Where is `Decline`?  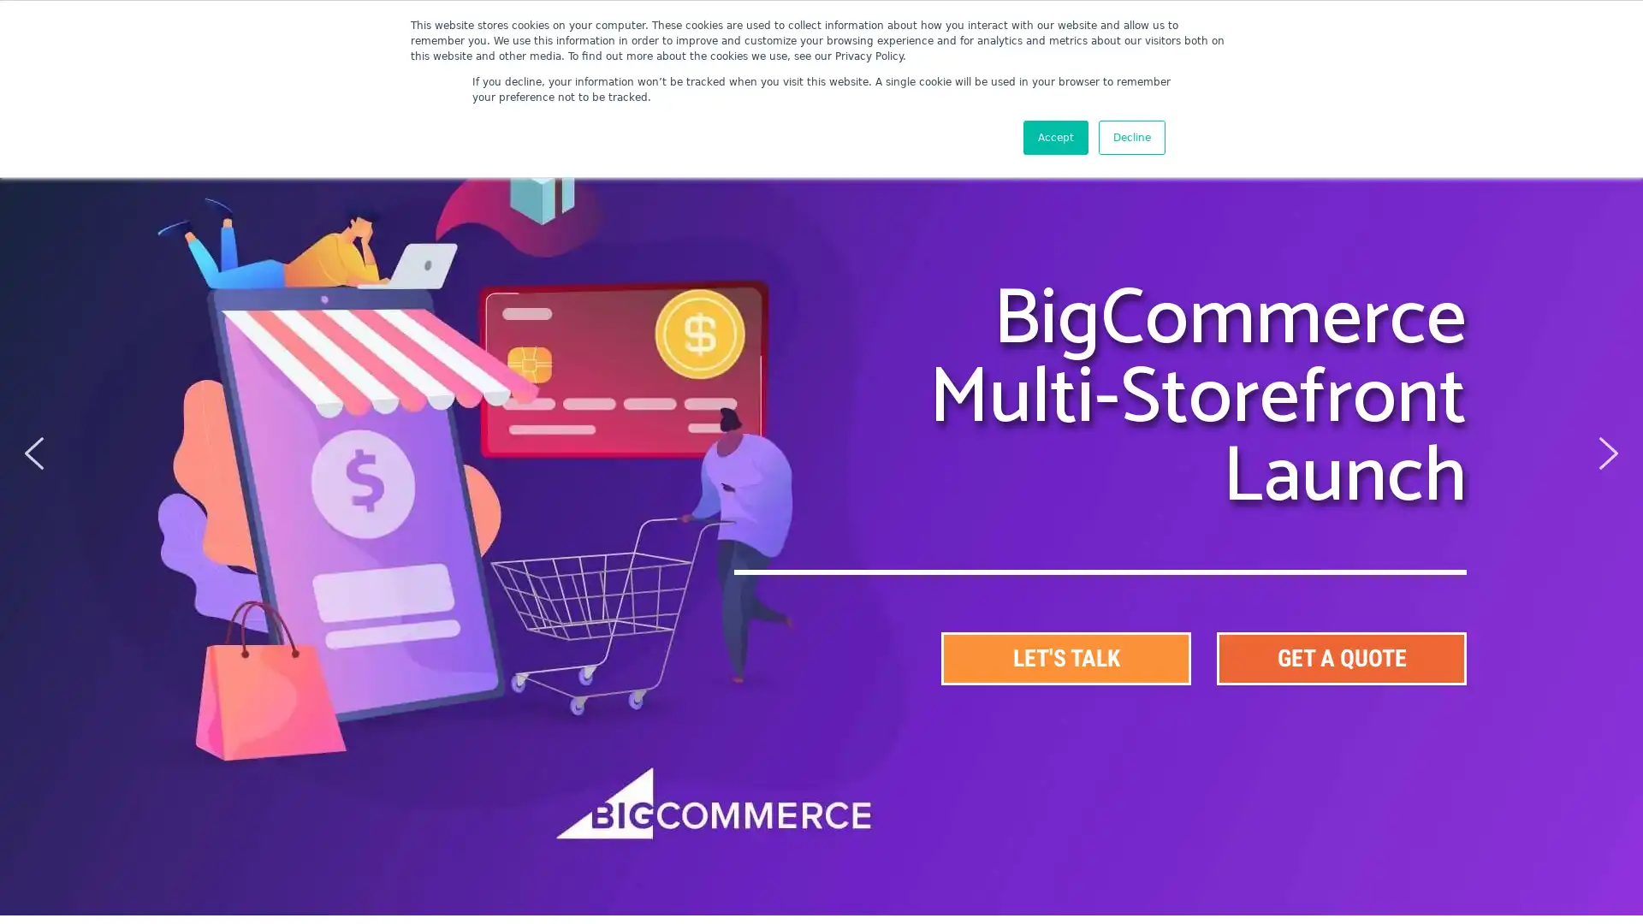
Decline is located at coordinates (1132, 137).